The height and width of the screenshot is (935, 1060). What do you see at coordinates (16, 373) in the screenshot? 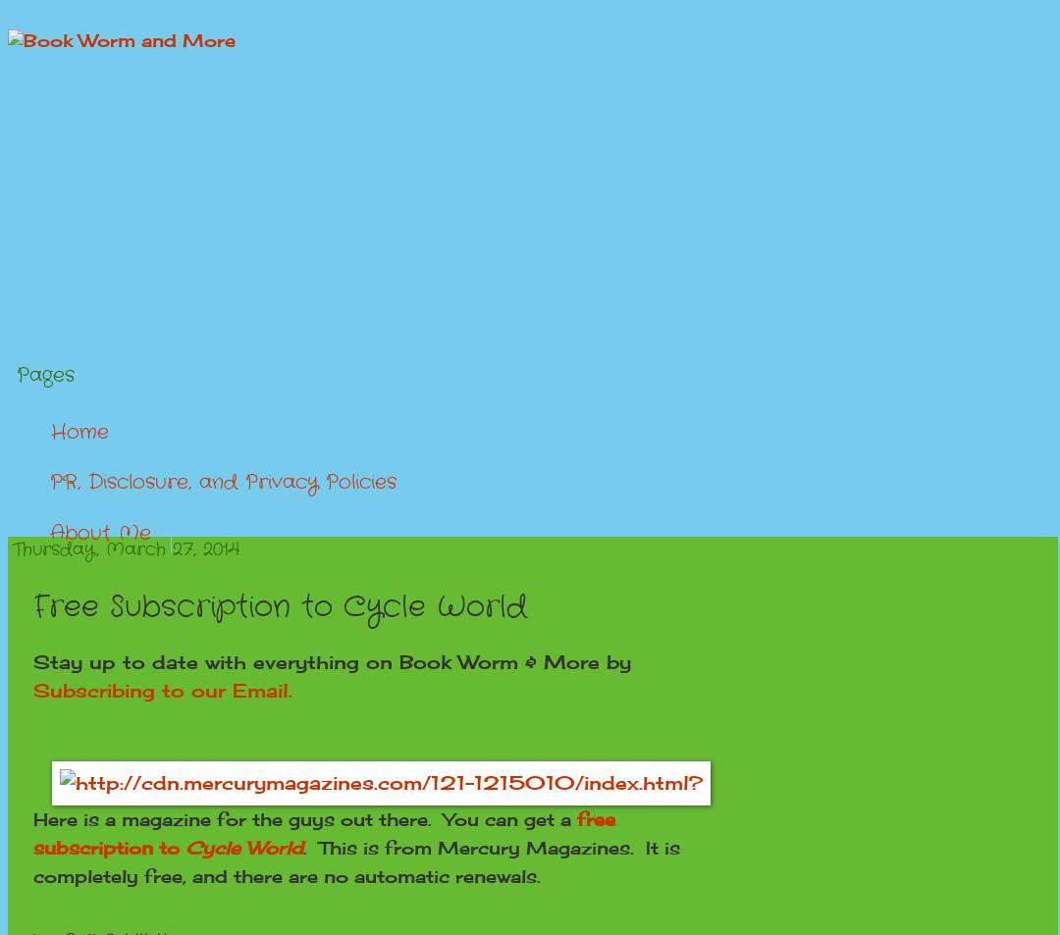
I see `'Pages'` at bounding box center [16, 373].